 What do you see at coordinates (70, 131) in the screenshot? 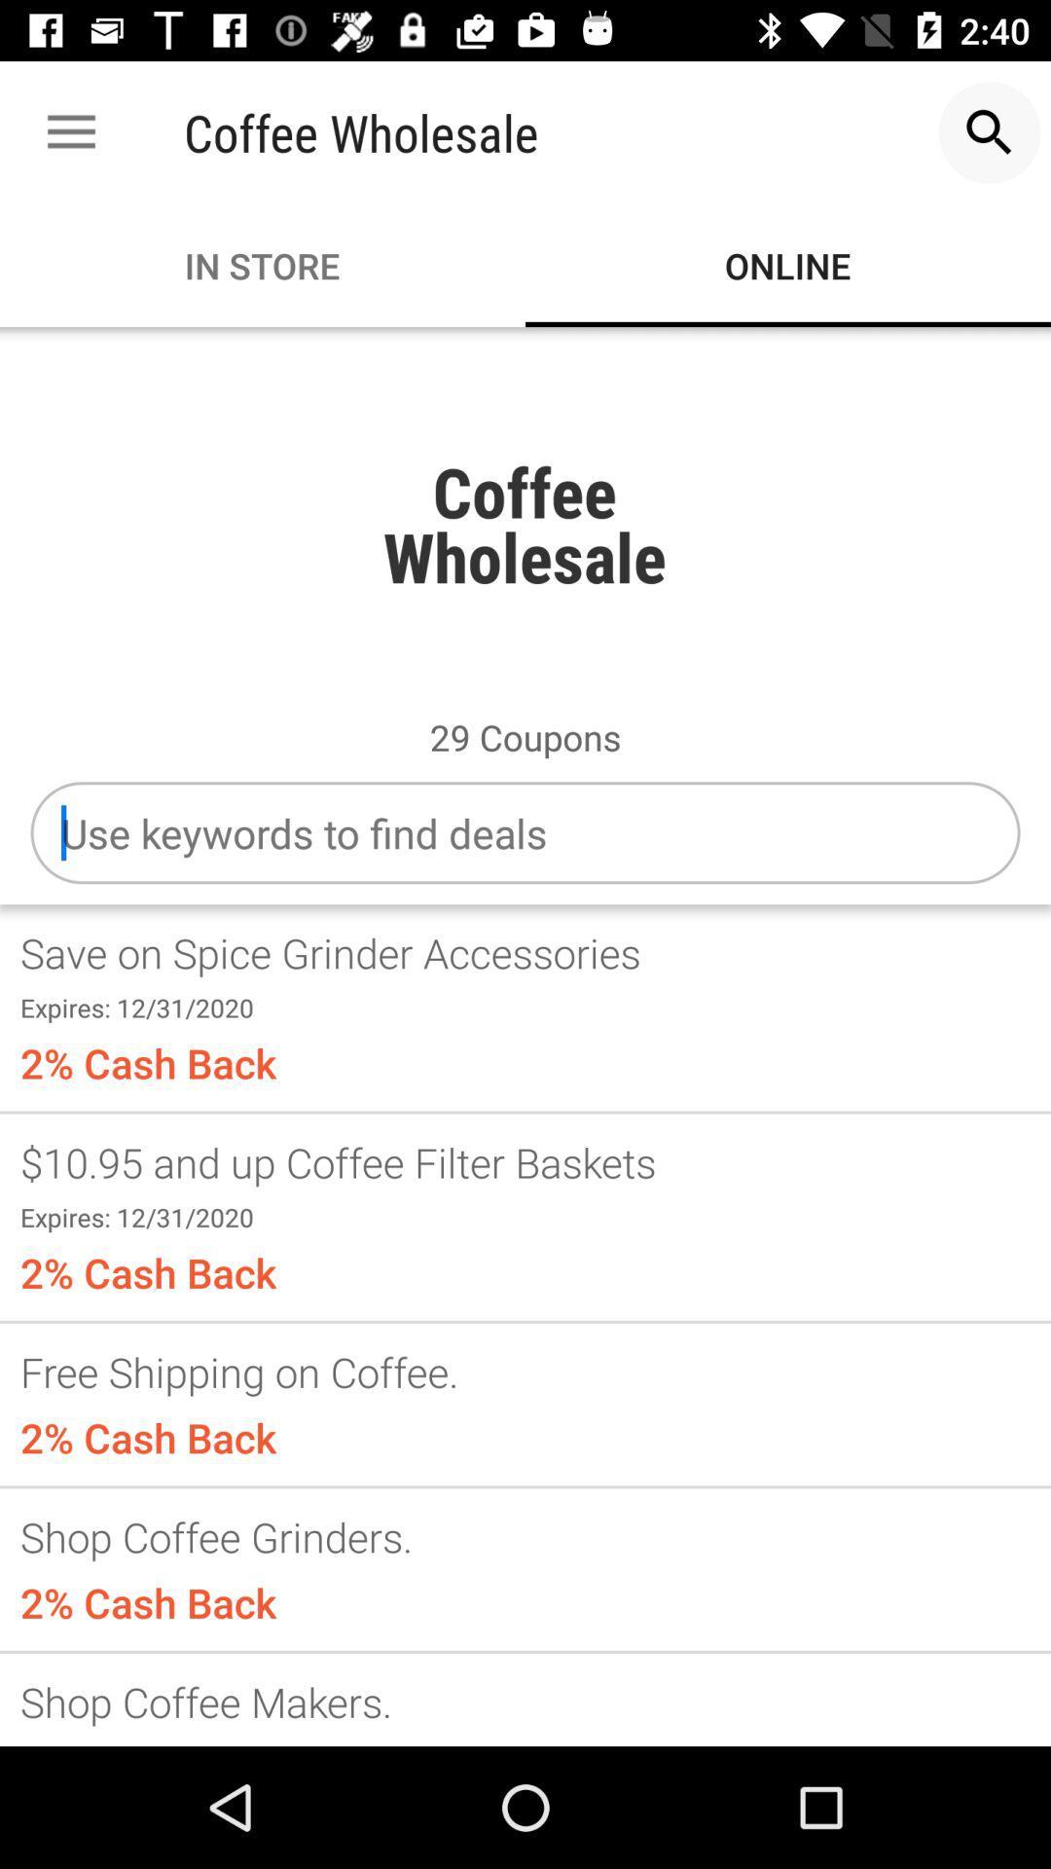
I see `the icon to the left of the coffee wholesale app` at bounding box center [70, 131].